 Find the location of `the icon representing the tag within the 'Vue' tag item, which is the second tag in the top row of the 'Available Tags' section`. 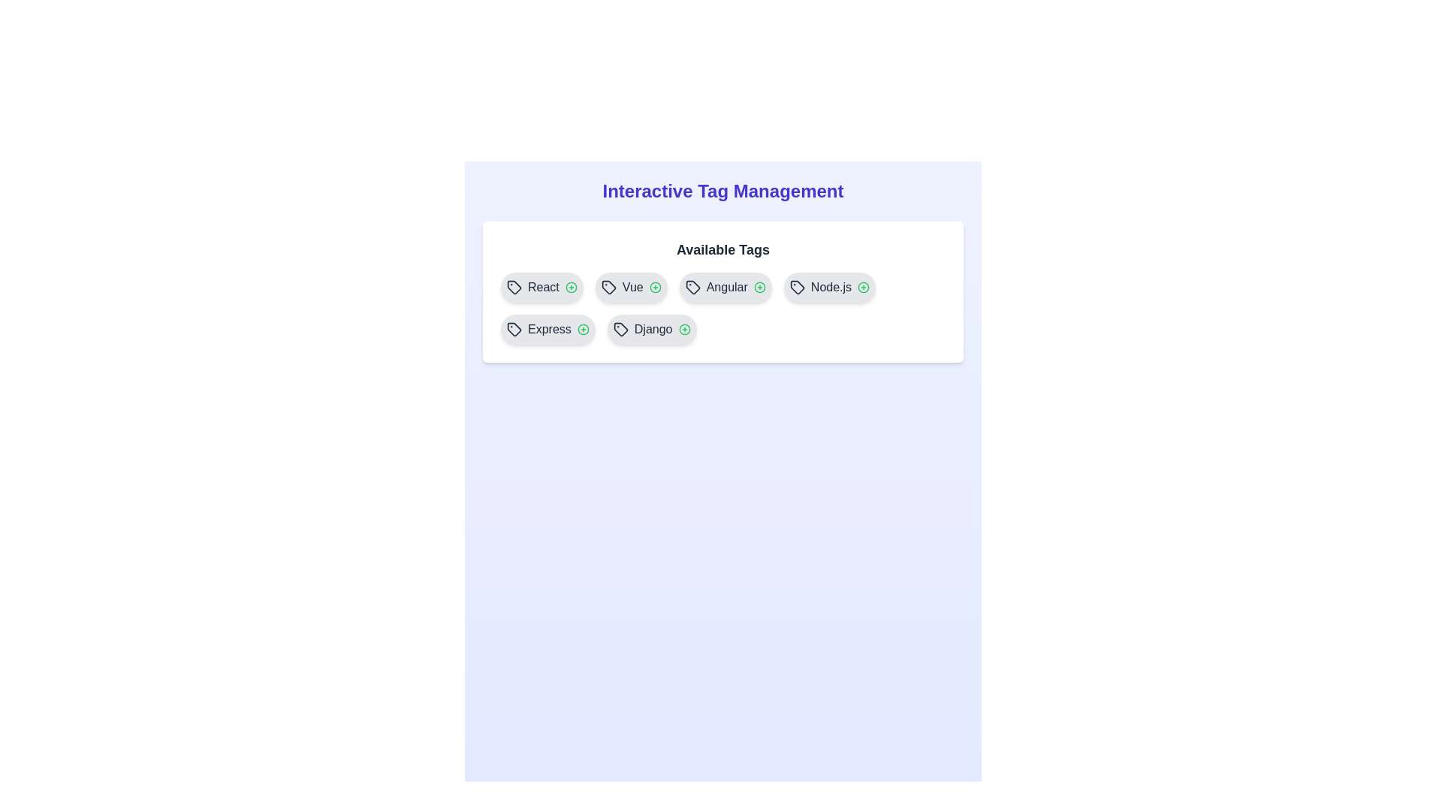

the icon representing the tag within the 'Vue' tag item, which is the second tag in the top row of the 'Available Tags' section is located at coordinates (608, 287).